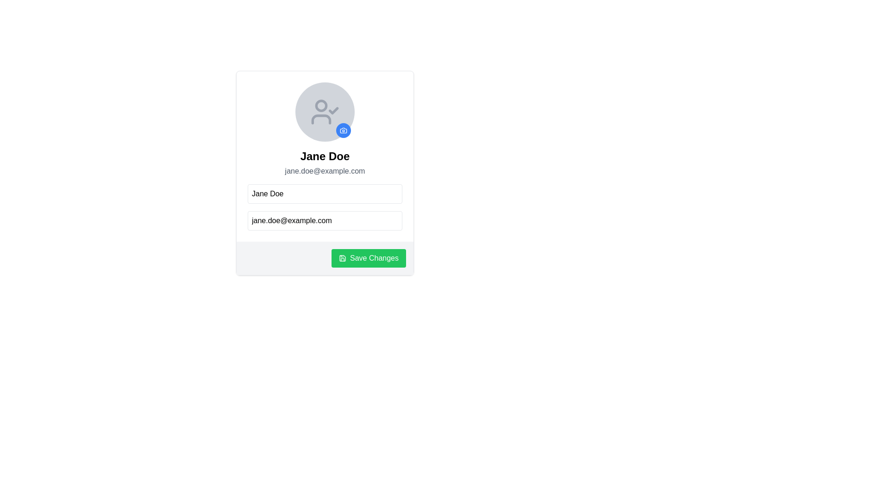  I want to click on the profile picture upload button located near the bottom-right corner of the user profile avatar, so click(343, 130).